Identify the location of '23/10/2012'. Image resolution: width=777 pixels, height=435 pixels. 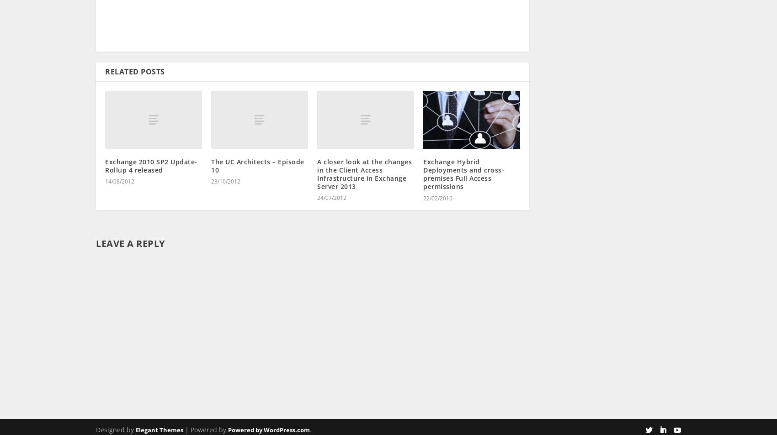
(211, 164).